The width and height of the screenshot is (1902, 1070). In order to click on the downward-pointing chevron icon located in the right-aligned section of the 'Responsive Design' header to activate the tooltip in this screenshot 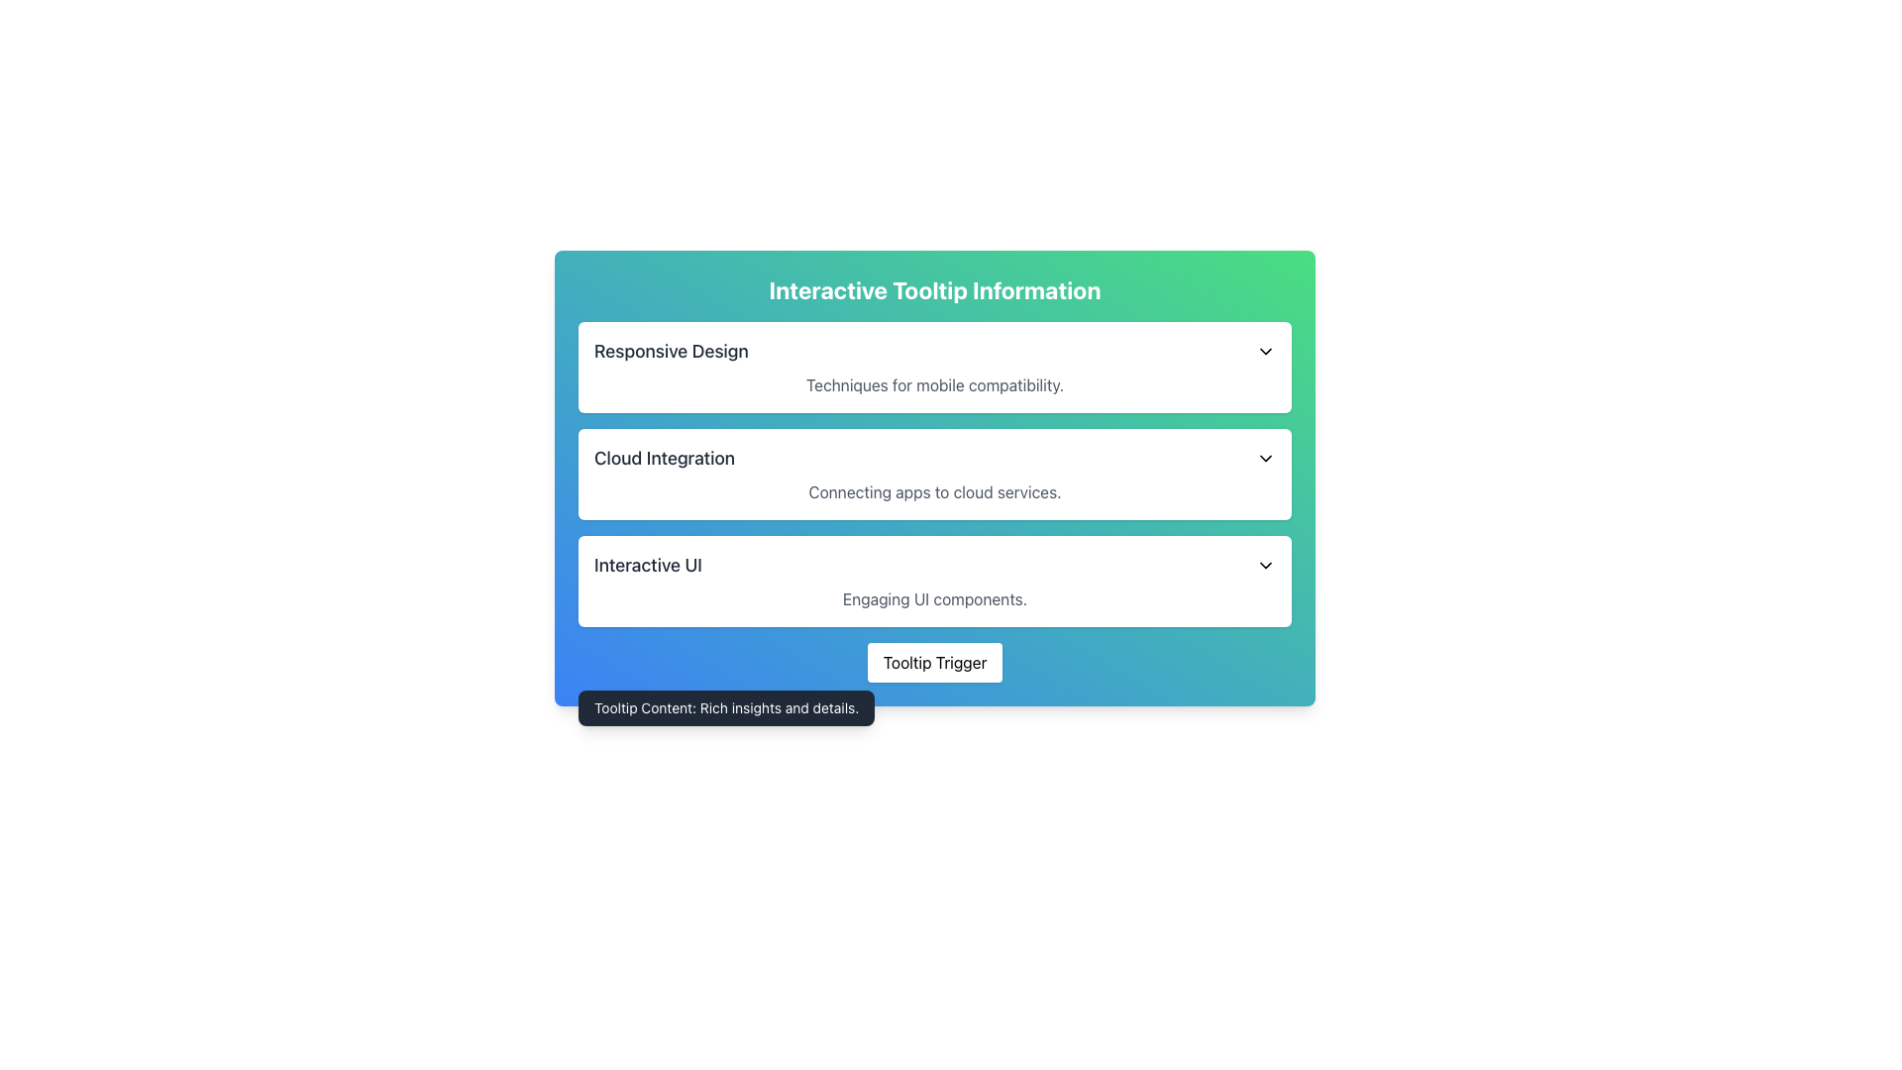, I will do `click(1264, 350)`.